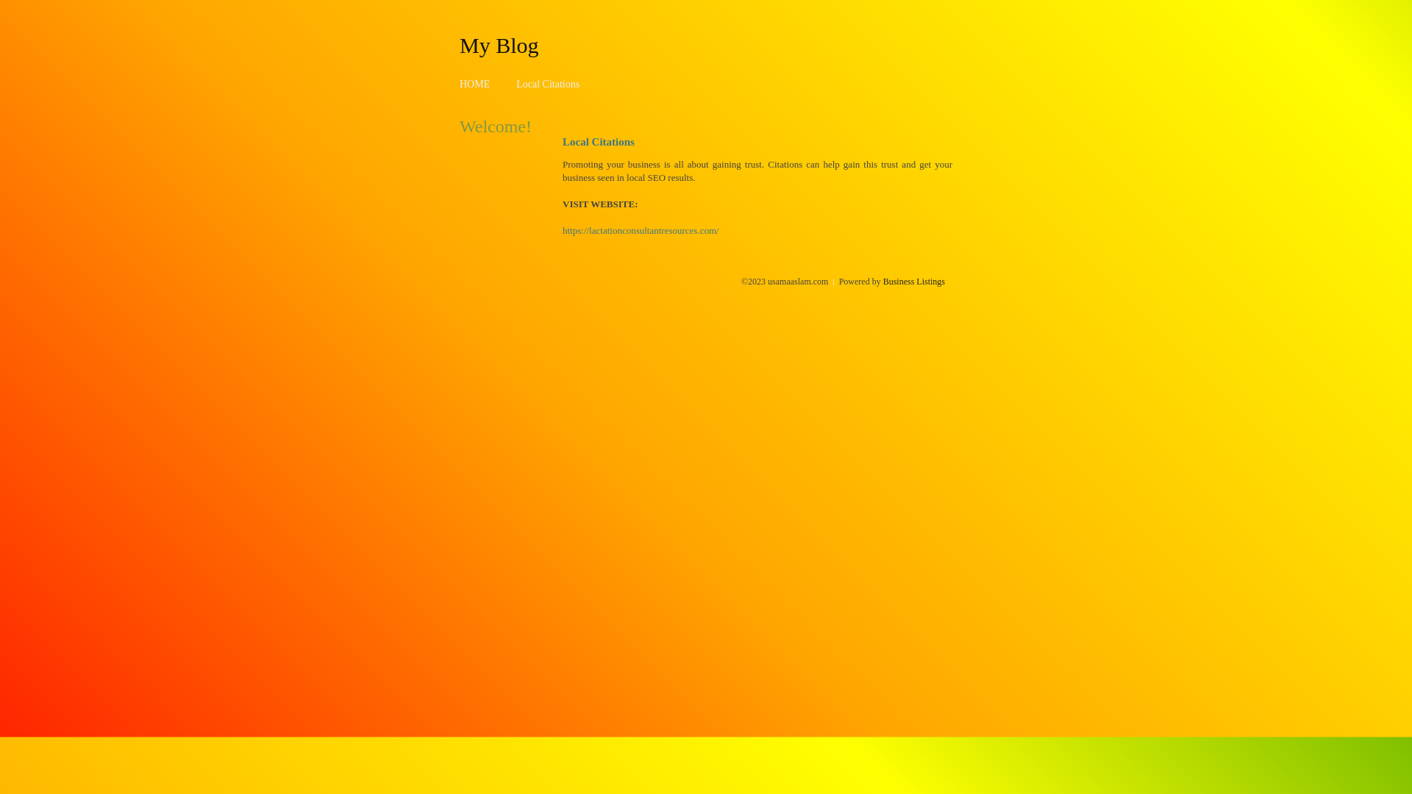 The height and width of the screenshot is (794, 1412). I want to click on 'HOME', so click(474, 84).